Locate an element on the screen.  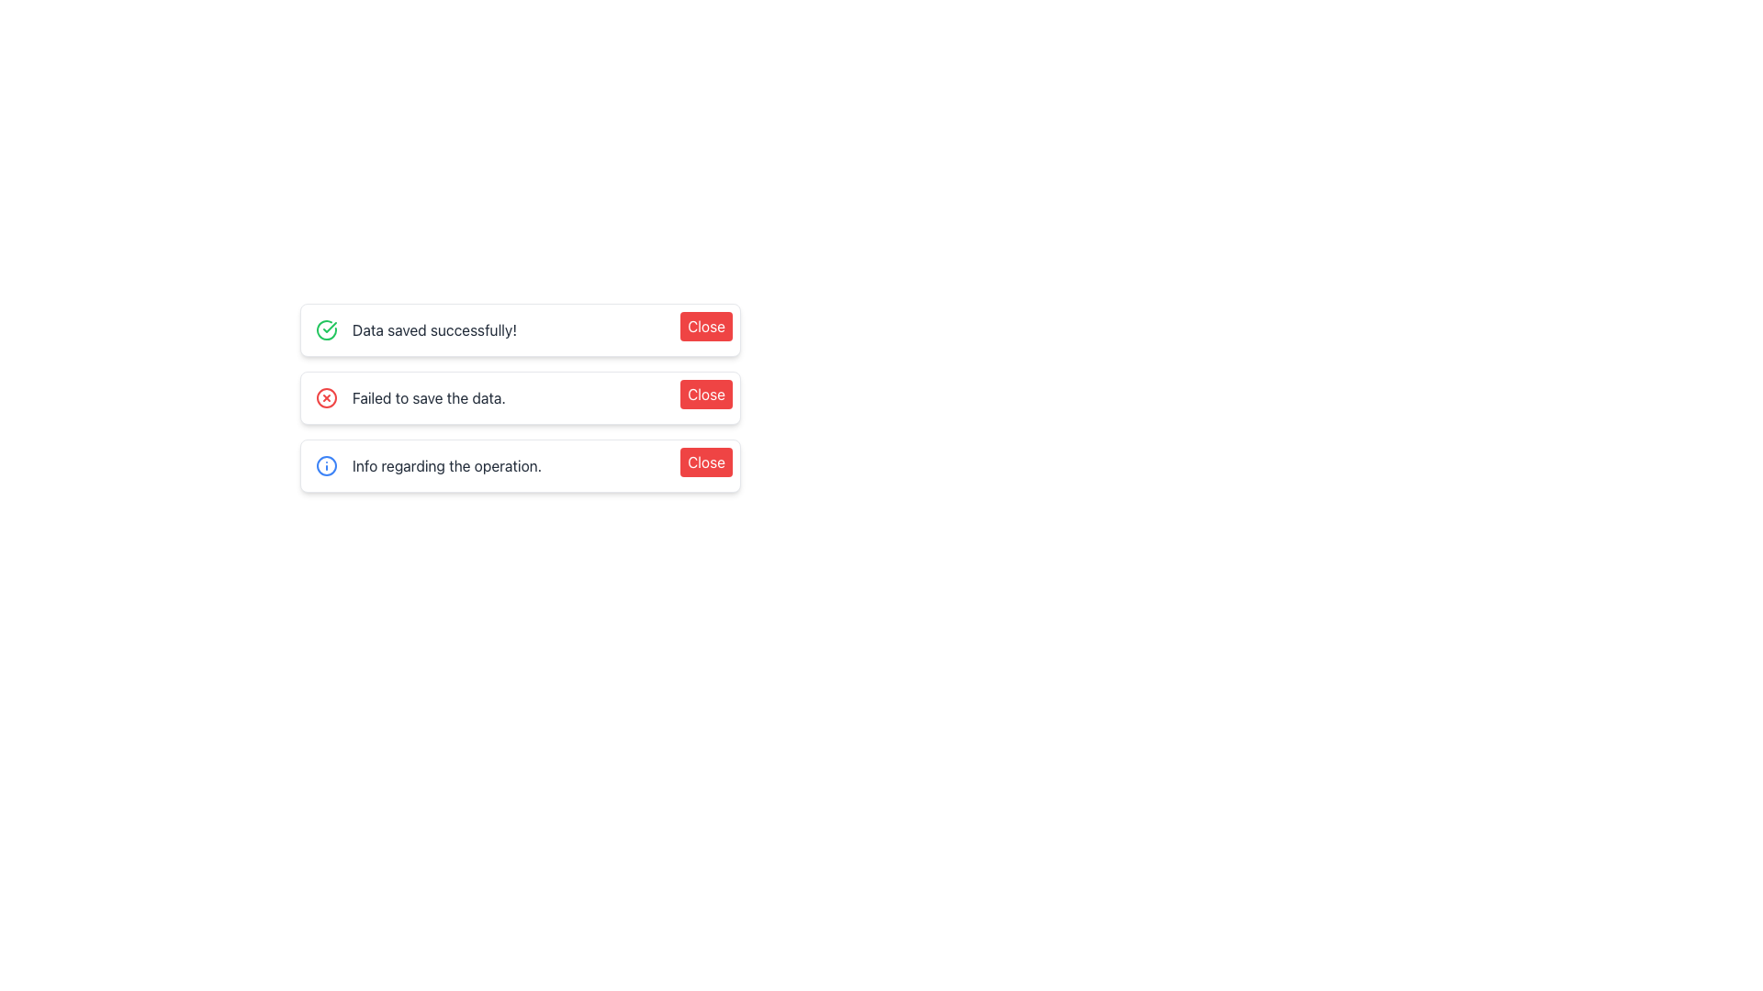
the close button located at the top-right corner of the dialog to observe the hover effect is located at coordinates (705, 462).